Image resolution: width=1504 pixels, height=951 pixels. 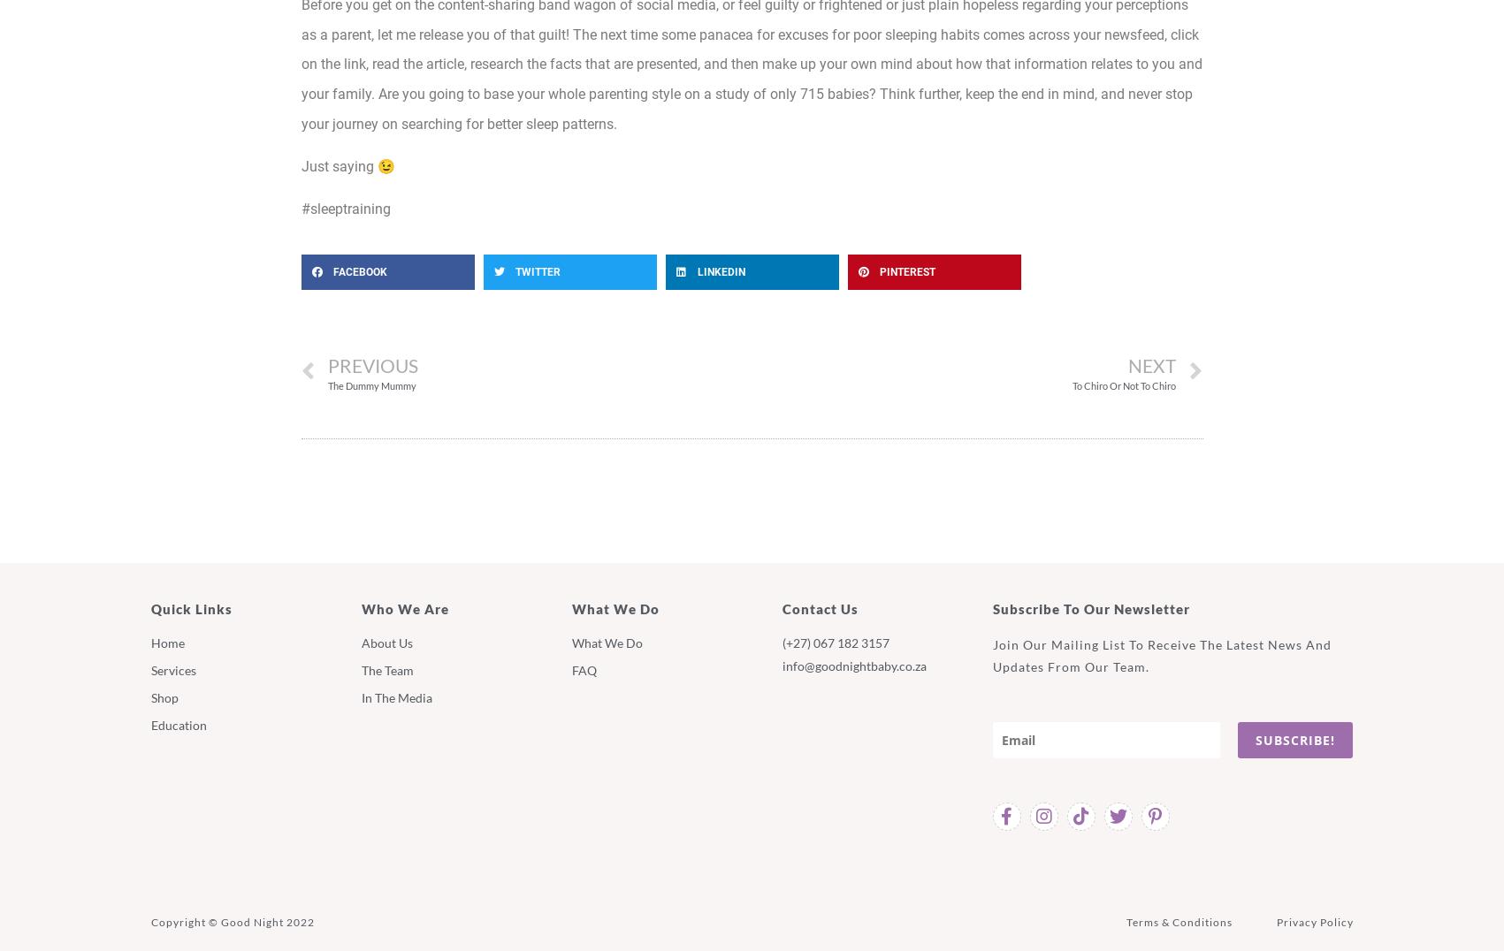 I want to click on '(+27) 067 182 3157', so click(x=834, y=641).